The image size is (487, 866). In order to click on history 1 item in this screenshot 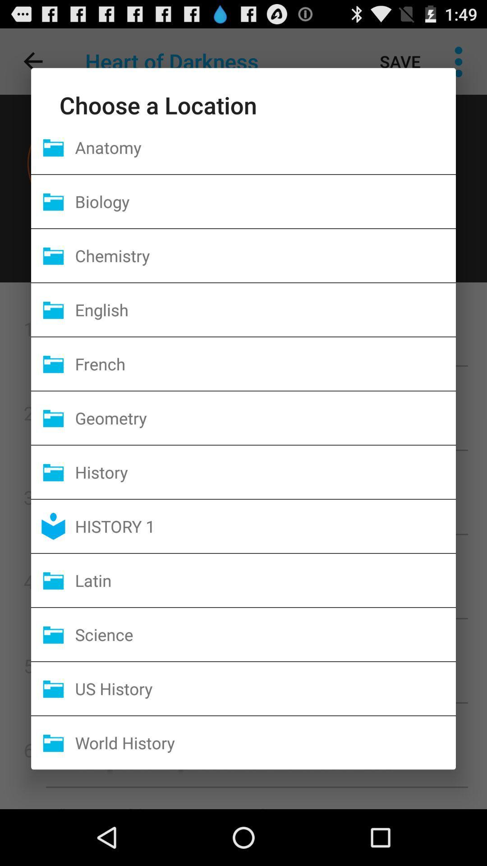, I will do `click(265, 526)`.